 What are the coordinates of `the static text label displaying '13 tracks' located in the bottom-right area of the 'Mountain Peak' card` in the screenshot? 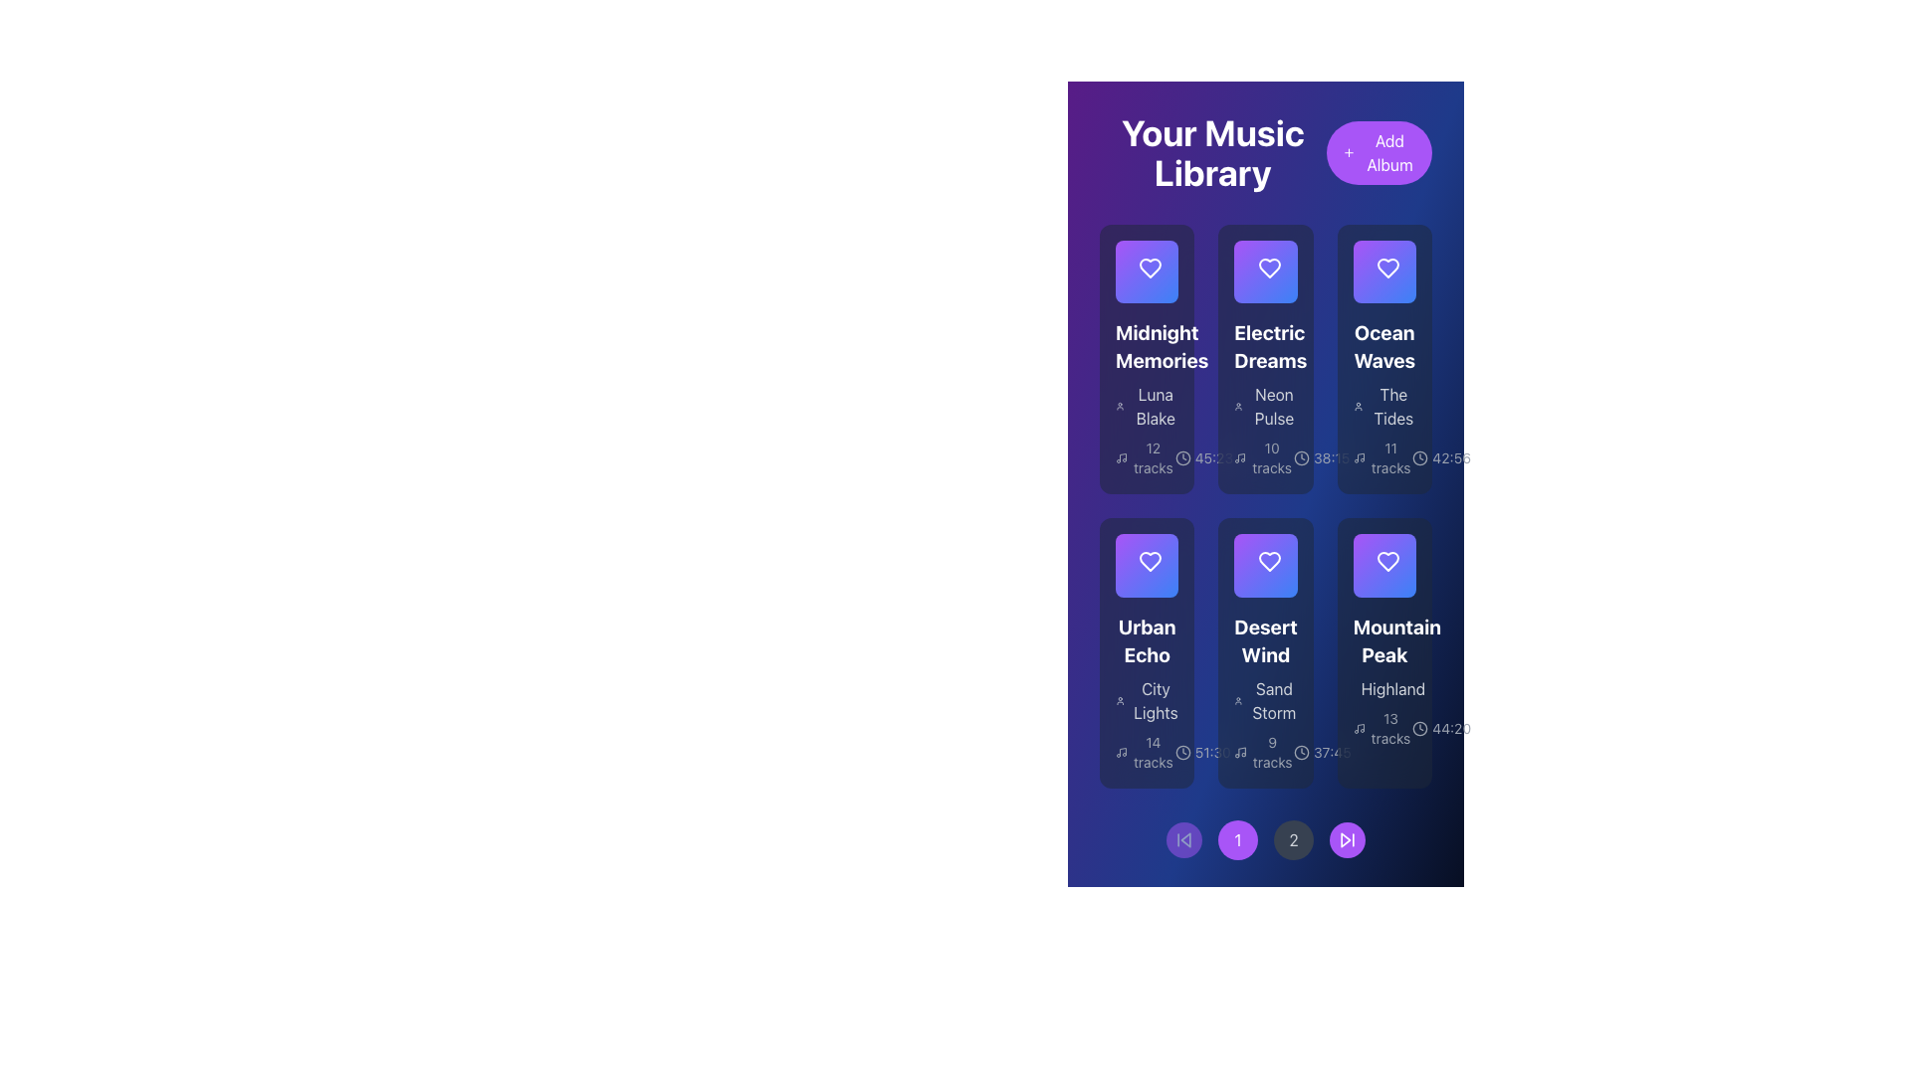 It's located at (1389, 728).